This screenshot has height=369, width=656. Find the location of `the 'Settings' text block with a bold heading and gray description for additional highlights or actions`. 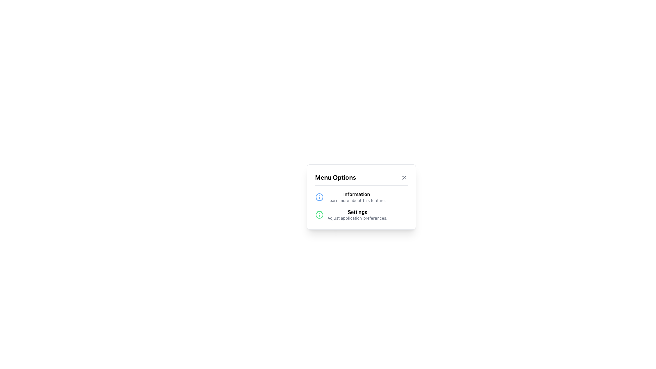

the 'Settings' text block with a bold heading and gray description for additional highlights or actions is located at coordinates (357, 214).